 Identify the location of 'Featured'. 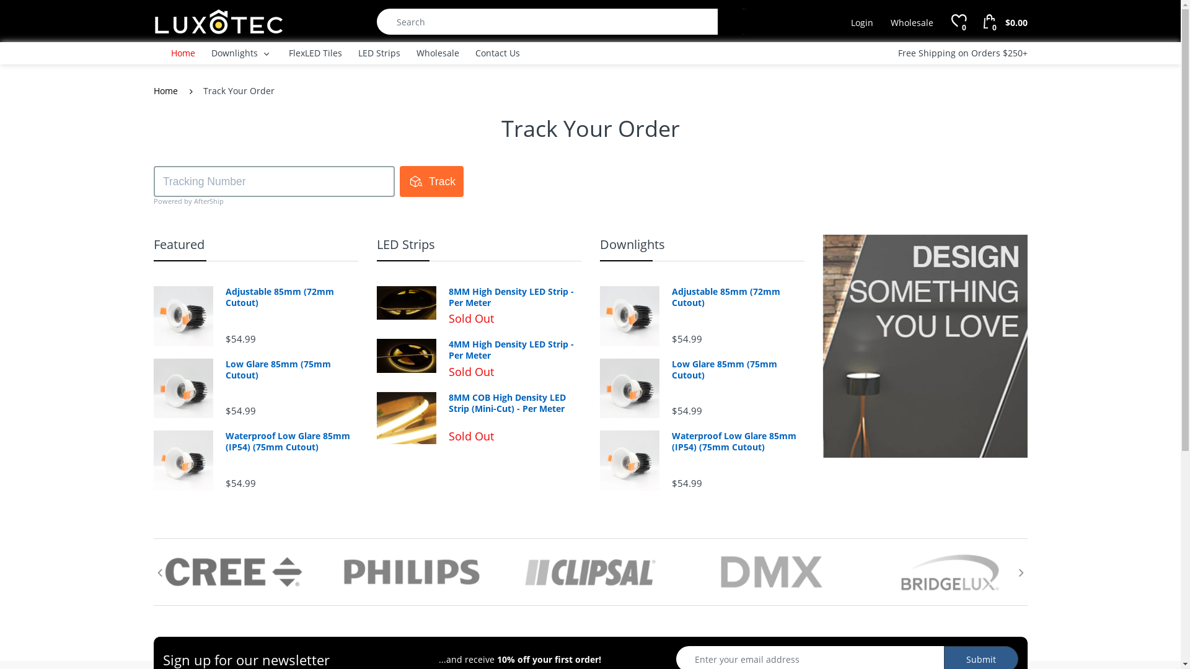
(178, 244).